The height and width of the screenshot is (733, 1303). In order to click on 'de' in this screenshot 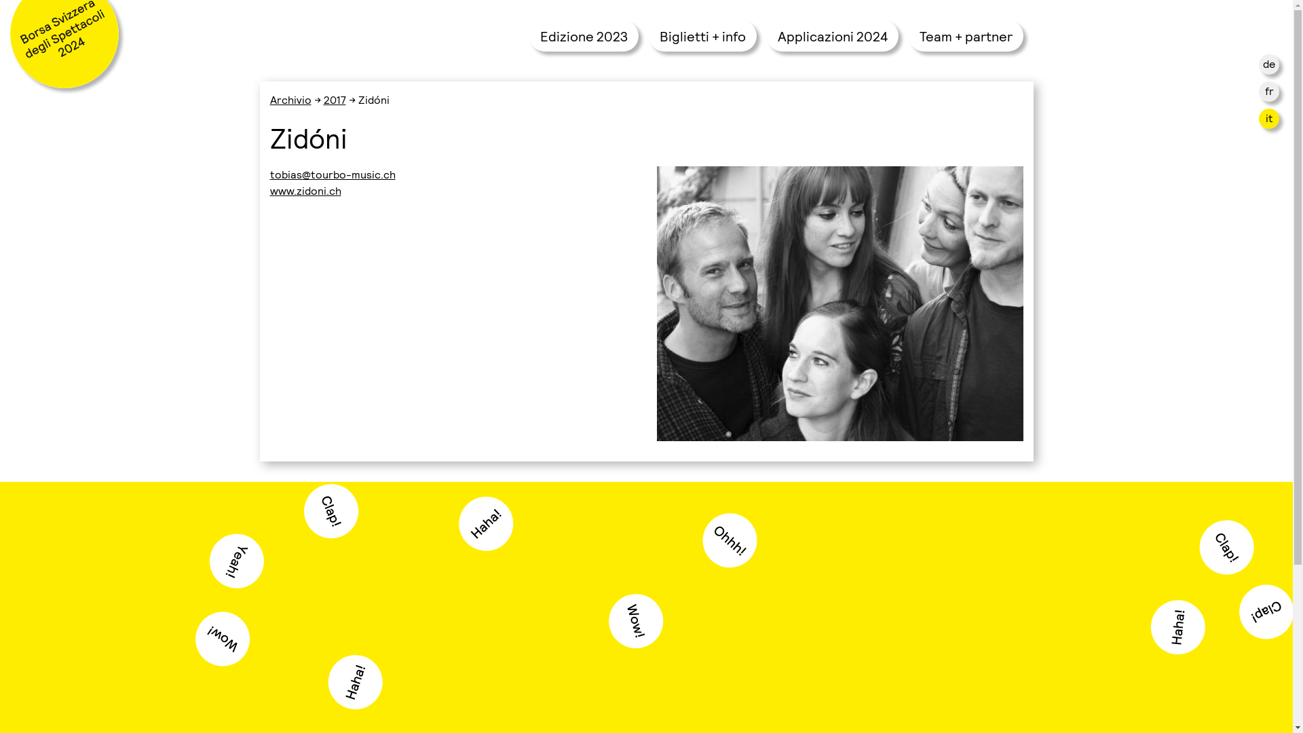, I will do `click(1268, 63)`.